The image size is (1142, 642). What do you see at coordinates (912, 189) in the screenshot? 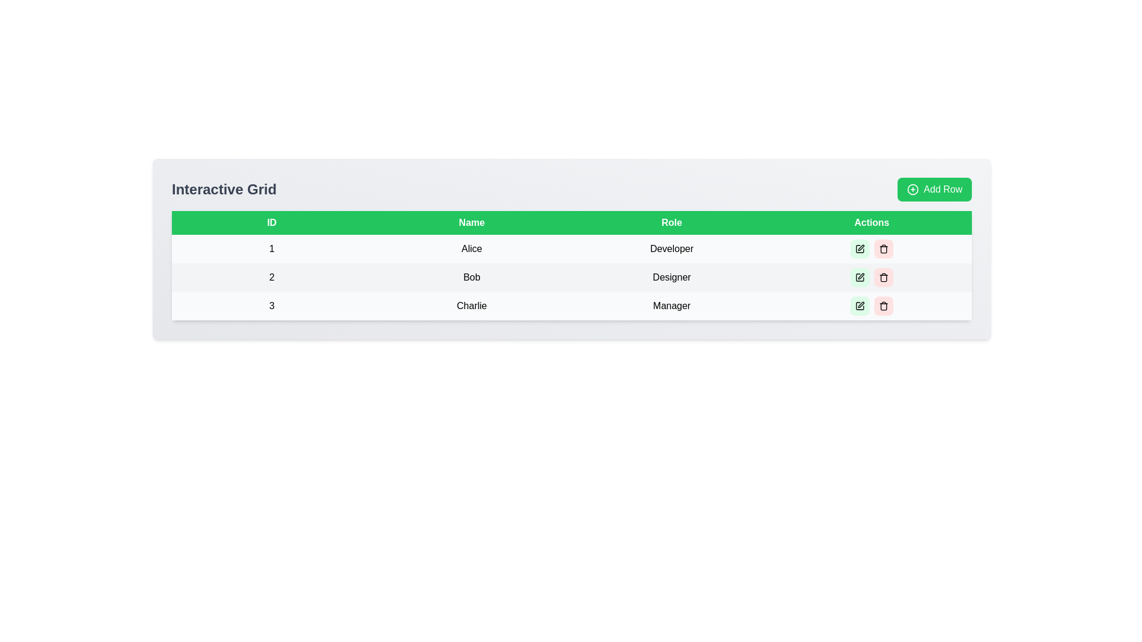
I see `the 'Add Row' icon located to the left of the button text` at bounding box center [912, 189].